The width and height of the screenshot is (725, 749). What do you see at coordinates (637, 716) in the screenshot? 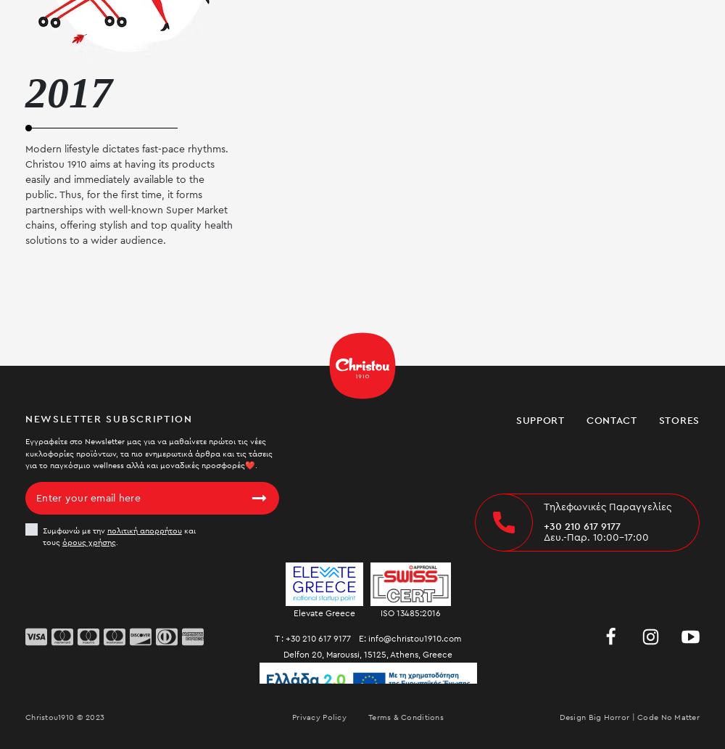
I see `'Code'` at bounding box center [637, 716].